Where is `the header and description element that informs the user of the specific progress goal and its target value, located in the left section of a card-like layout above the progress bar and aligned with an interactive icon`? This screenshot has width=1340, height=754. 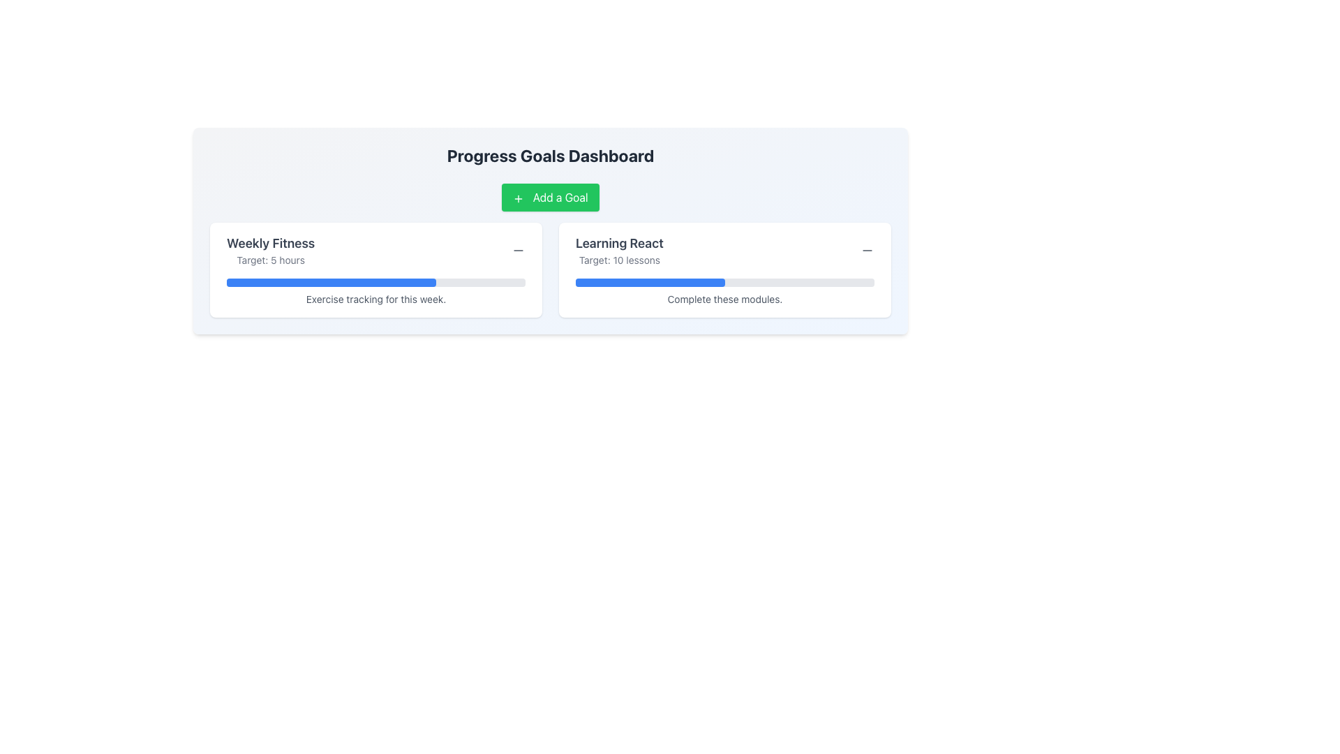 the header and description element that informs the user of the specific progress goal and its target value, located in the left section of a card-like layout above the progress bar and aligned with an interactive icon is located at coordinates (271, 249).